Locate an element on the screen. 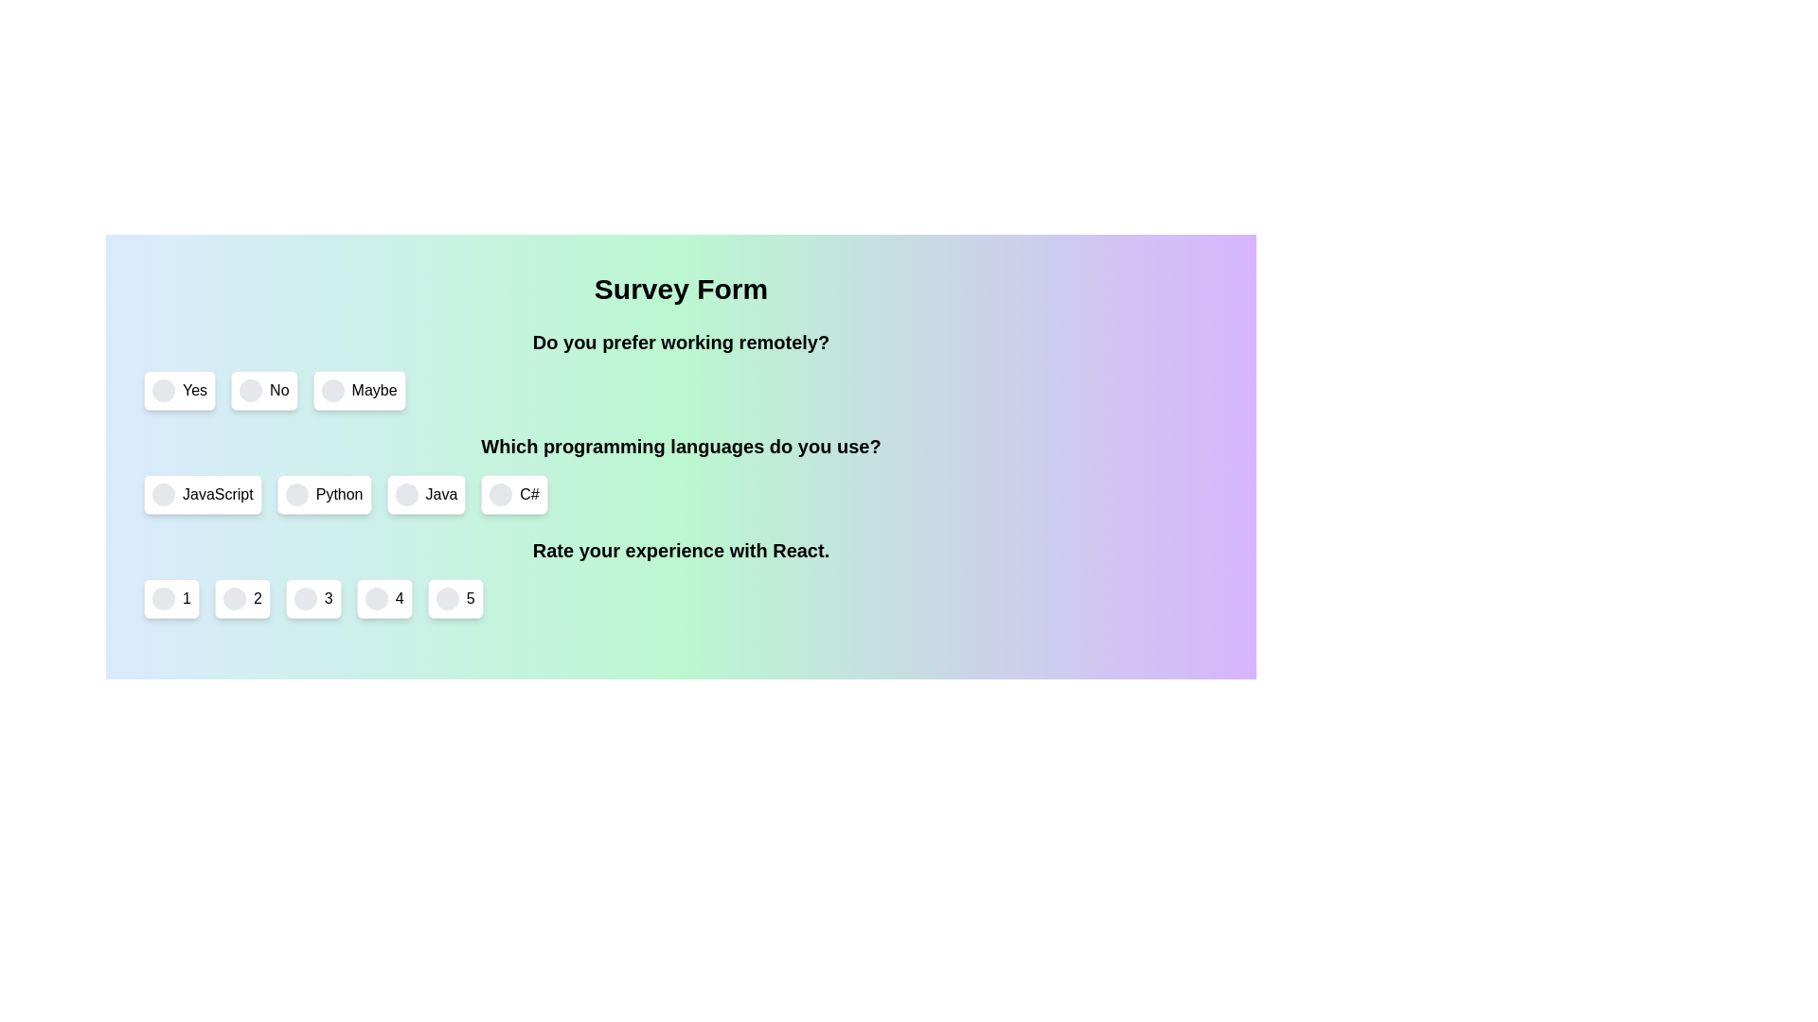  the selection on the Rating Widget located towards the bottom of the central section of the interface, below the 'Which programming languages do you use?' section is located at coordinates (681, 576).